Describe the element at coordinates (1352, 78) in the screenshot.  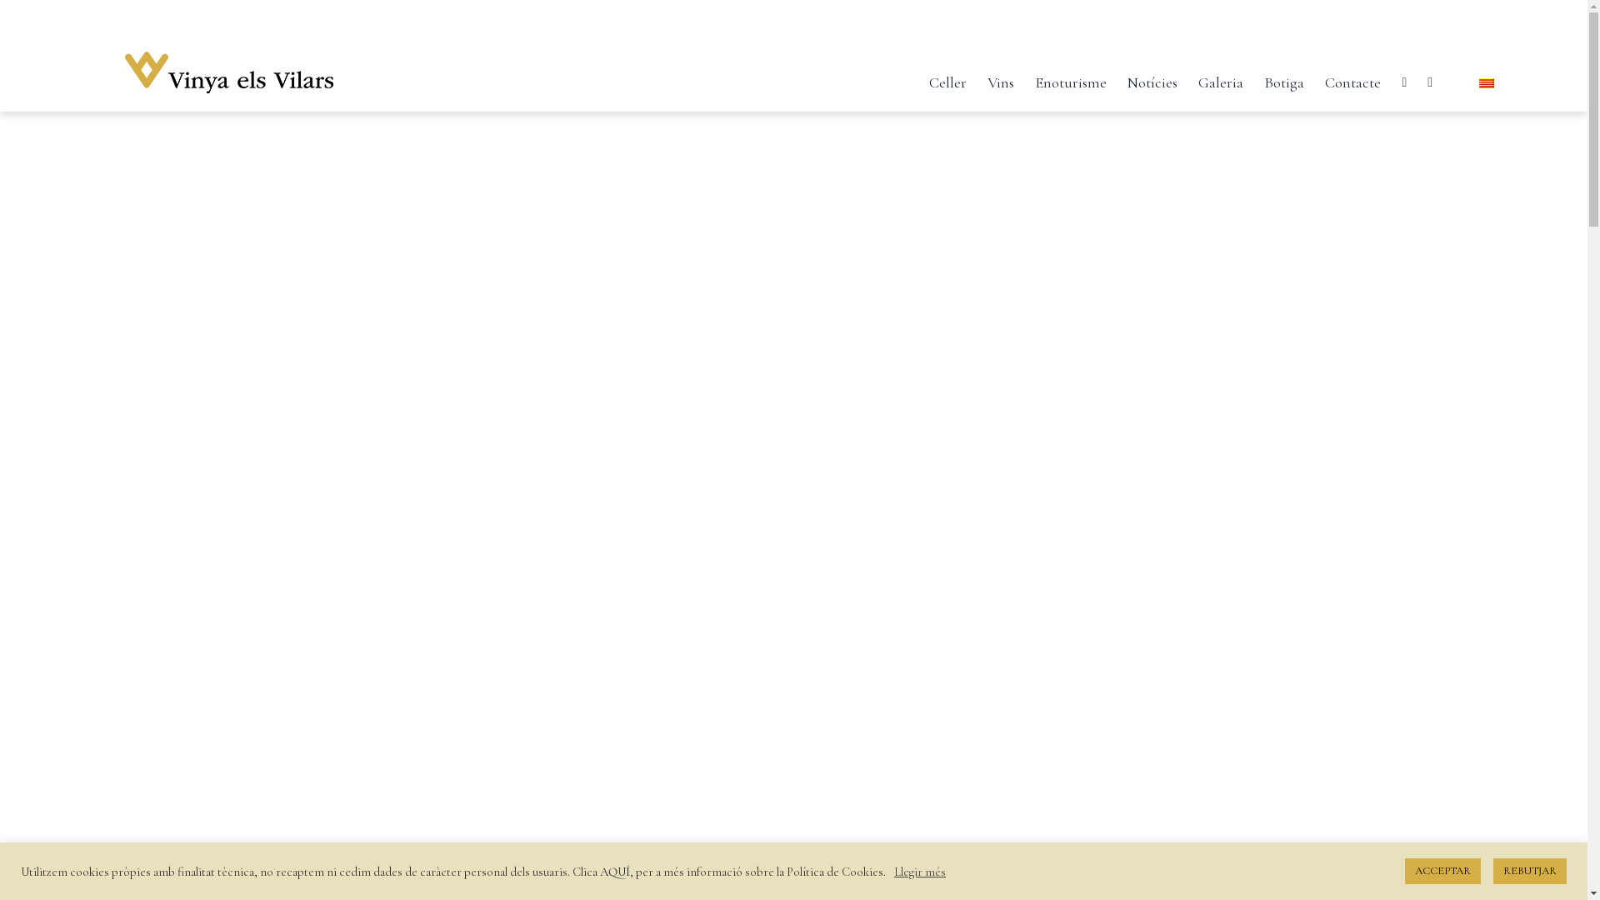
I see `'Contacte'` at that location.